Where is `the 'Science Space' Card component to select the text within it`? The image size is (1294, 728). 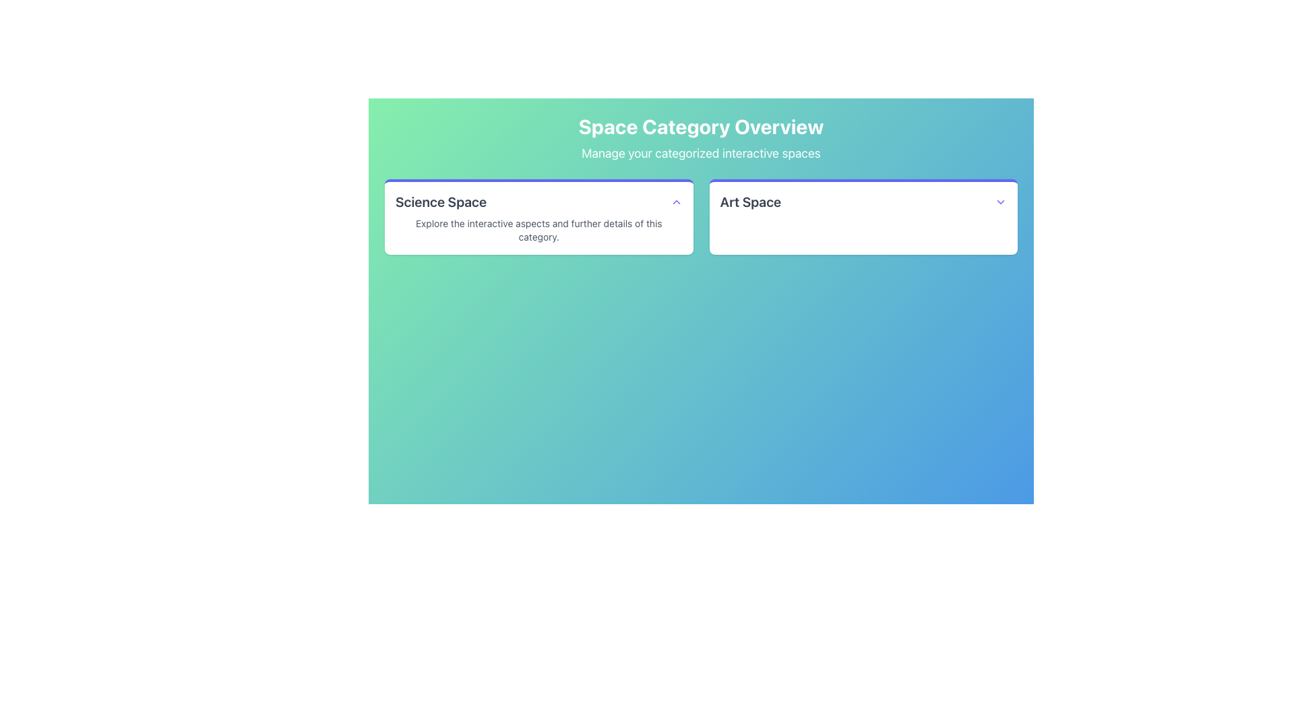 the 'Science Space' Card component to select the text within it is located at coordinates (538, 216).